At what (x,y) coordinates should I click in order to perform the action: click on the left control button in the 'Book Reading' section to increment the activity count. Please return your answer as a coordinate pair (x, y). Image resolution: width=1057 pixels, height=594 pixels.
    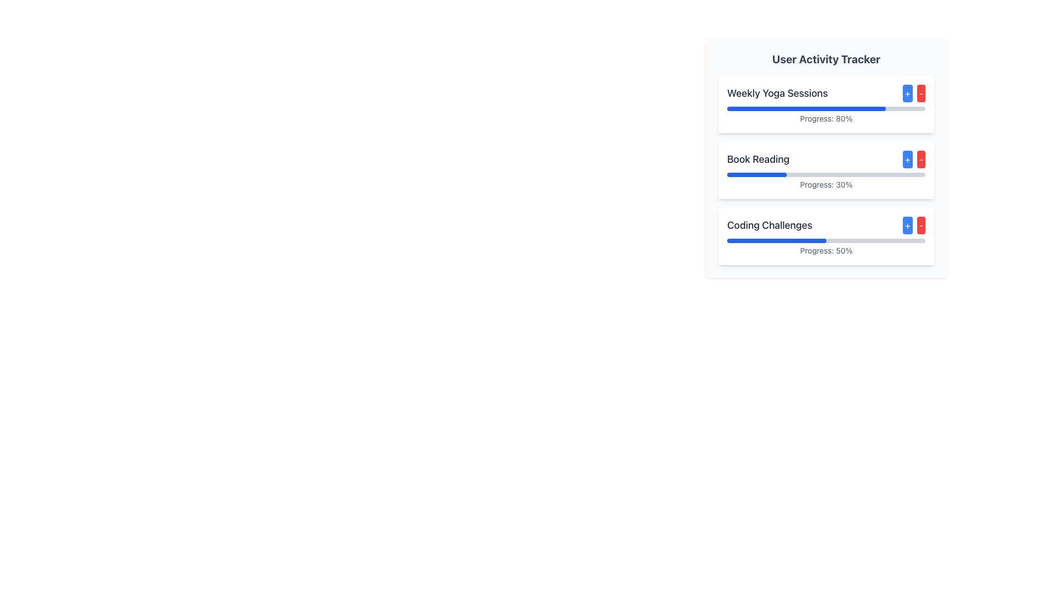
    Looking at the image, I should click on (907, 159).